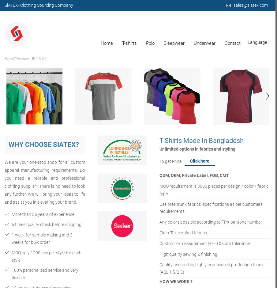 Image resolution: width=277 pixels, height=288 pixels. Describe the element at coordinates (188, 254) in the screenshot. I see `'High quality sewing & finishing.'` at that location.